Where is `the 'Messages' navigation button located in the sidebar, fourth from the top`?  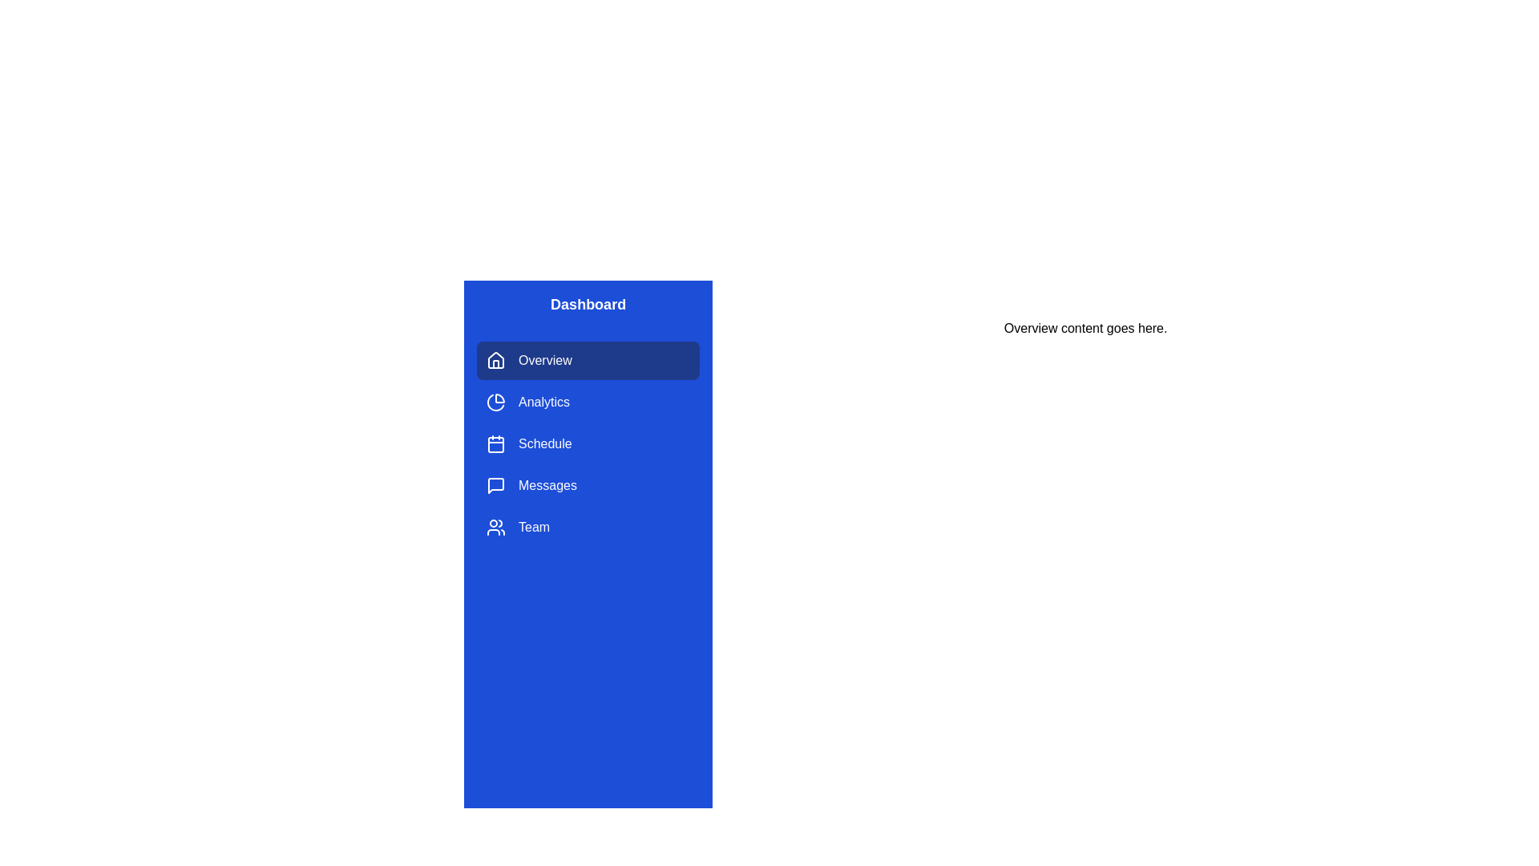 the 'Messages' navigation button located in the sidebar, fourth from the top is located at coordinates (588, 484).